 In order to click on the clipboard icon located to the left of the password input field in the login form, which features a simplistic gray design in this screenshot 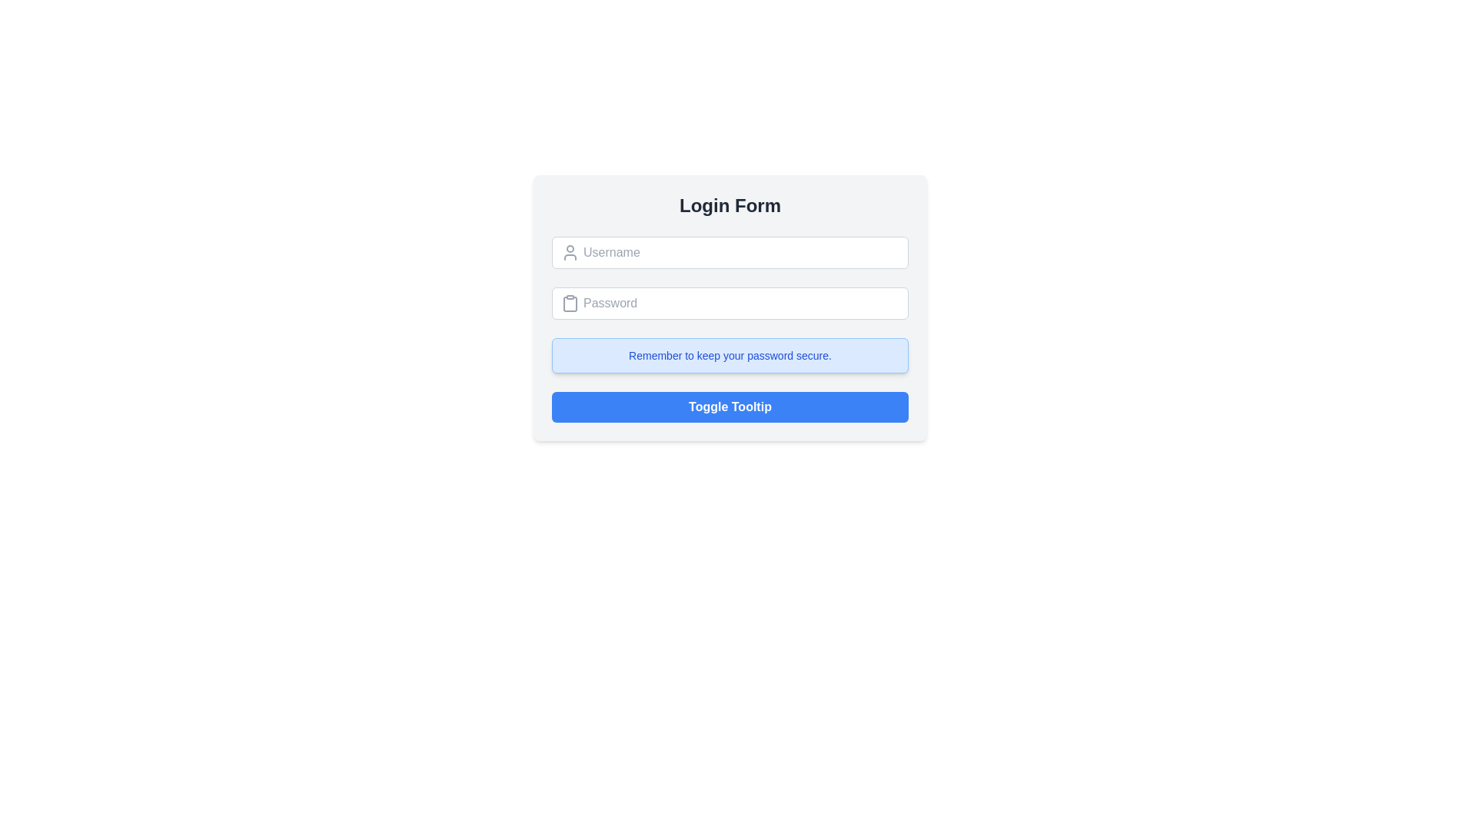, I will do `click(570, 304)`.